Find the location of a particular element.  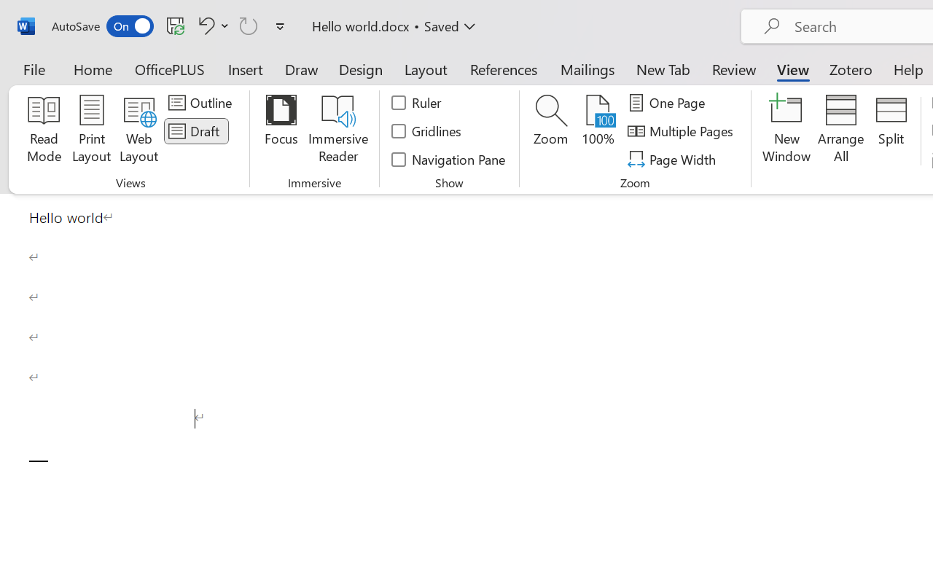

'Quick Access Toolbar' is located at coordinates (171, 26).